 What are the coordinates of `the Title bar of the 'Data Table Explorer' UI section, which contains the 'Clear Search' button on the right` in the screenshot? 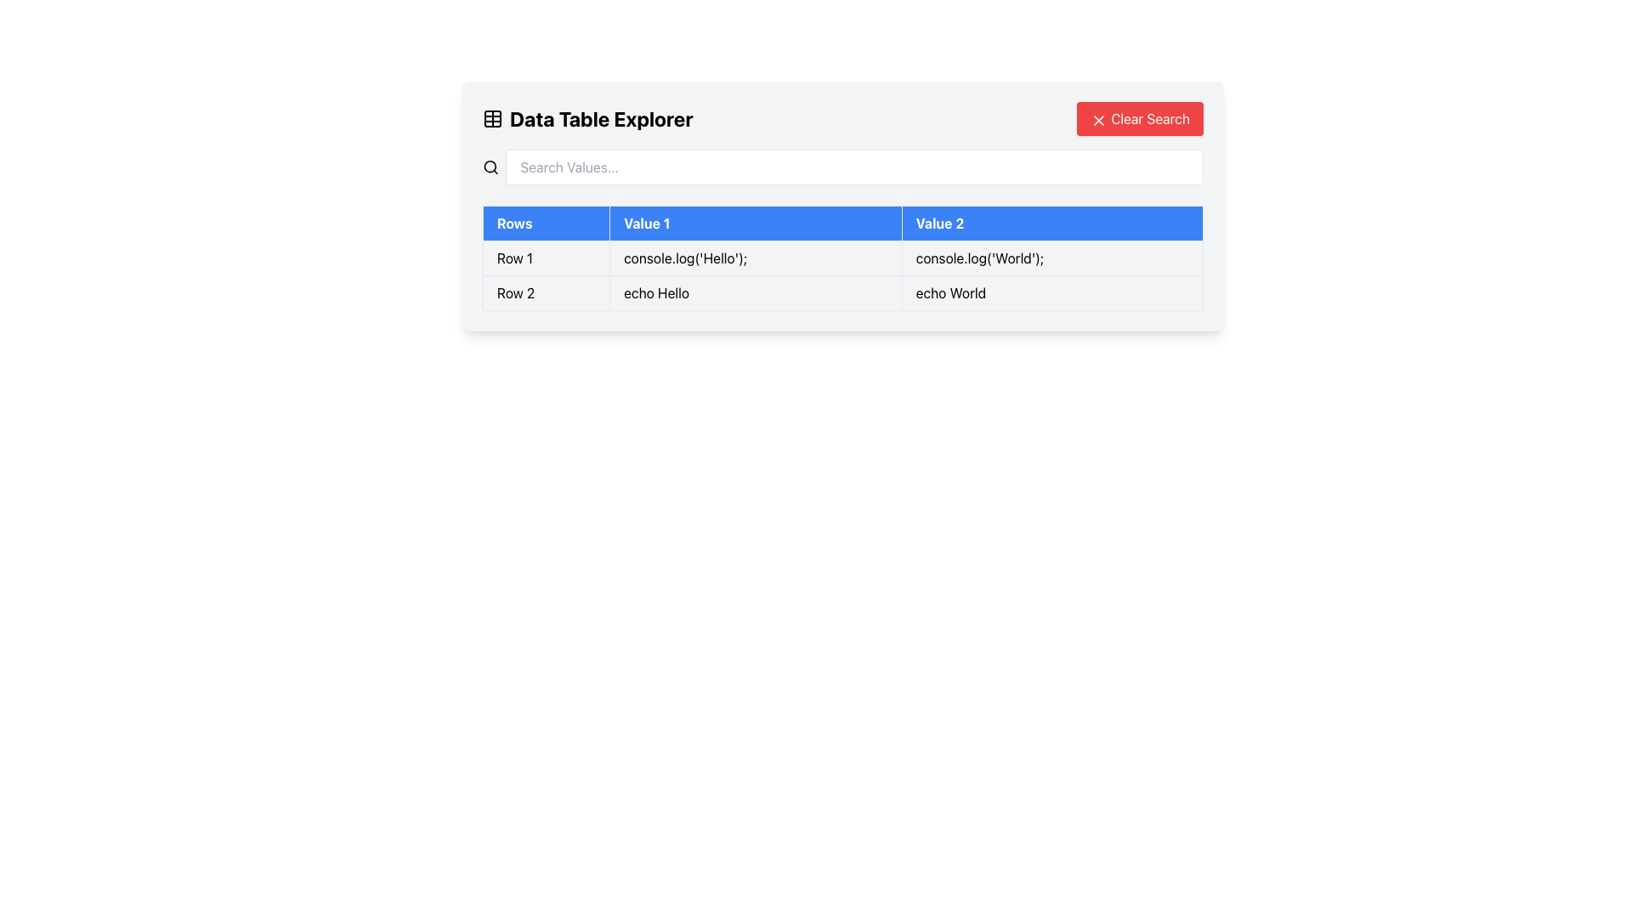 It's located at (843, 117).